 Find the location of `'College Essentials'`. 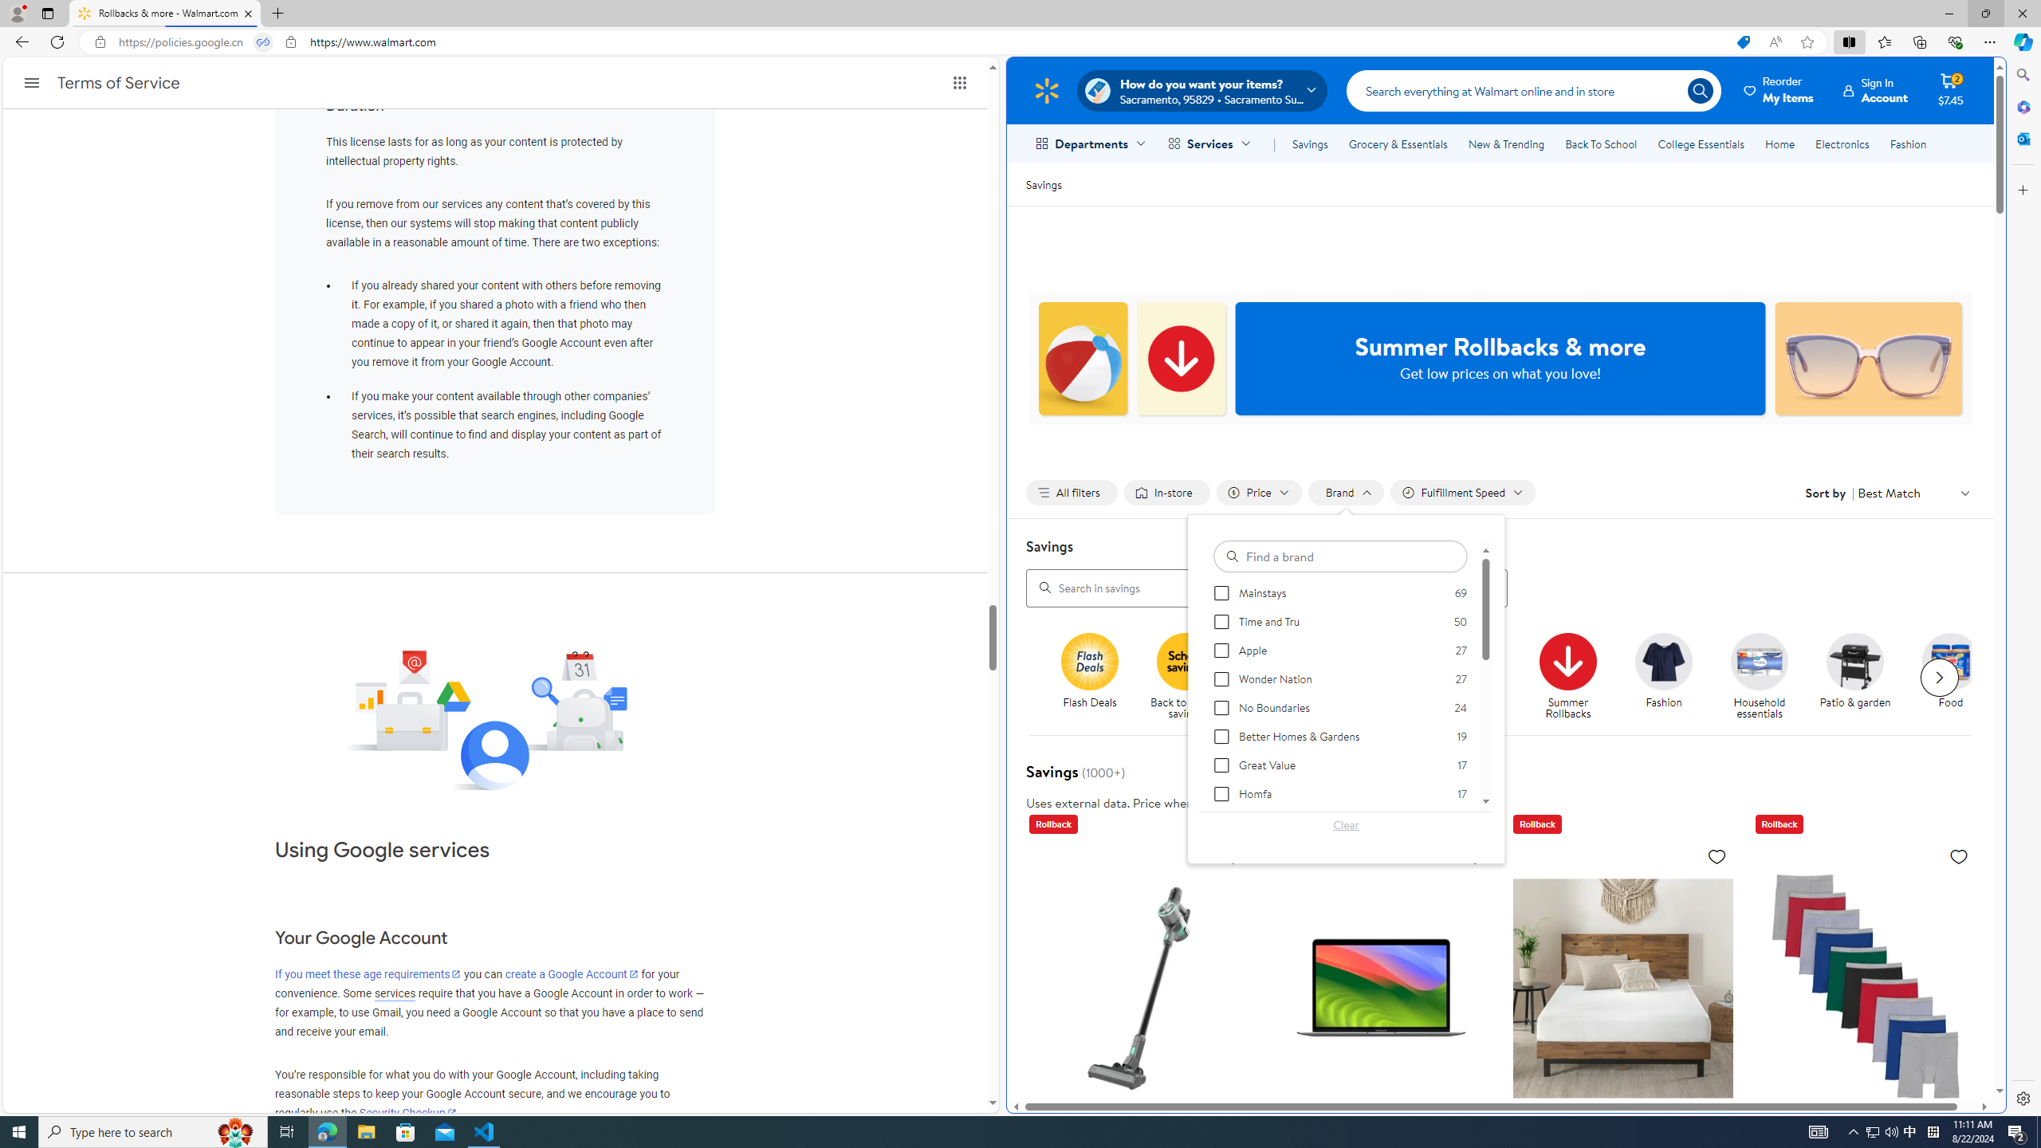

'College Essentials' is located at coordinates (1700, 143).